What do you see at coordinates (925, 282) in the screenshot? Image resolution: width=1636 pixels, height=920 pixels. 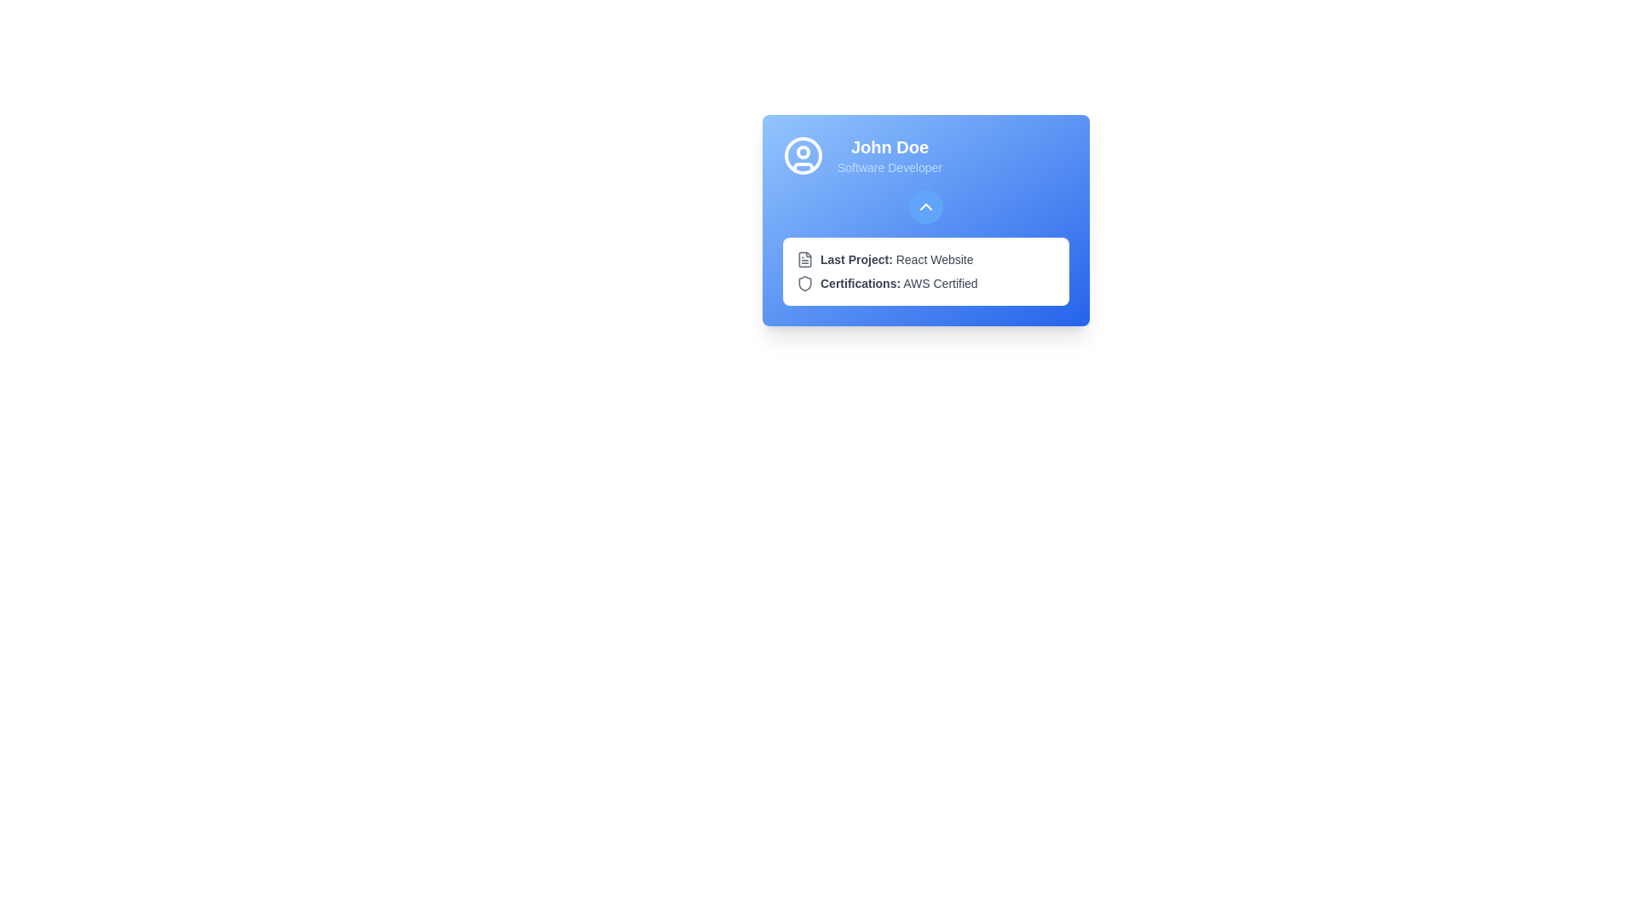 I see `the 'AWS Certified' label with icon located below the 'Last Project: React Website' label in the card interface` at bounding box center [925, 282].